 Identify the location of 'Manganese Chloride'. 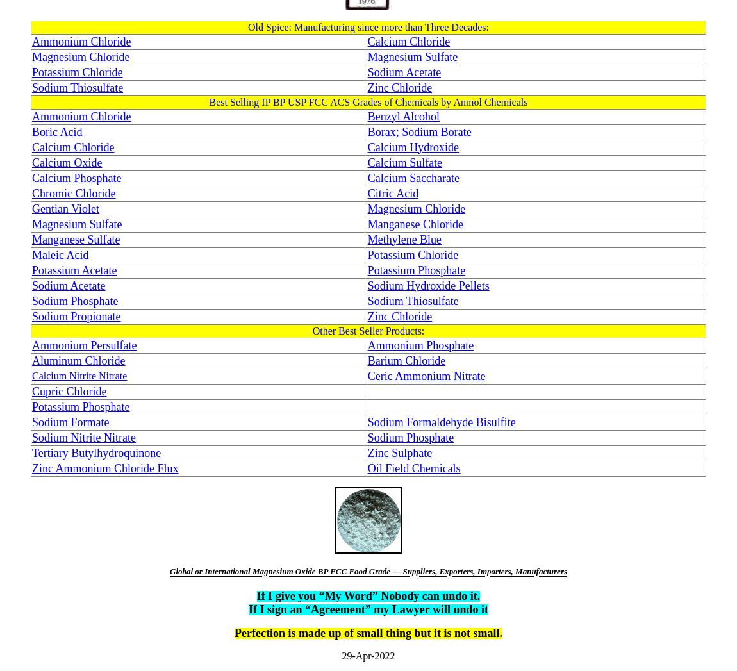
(415, 223).